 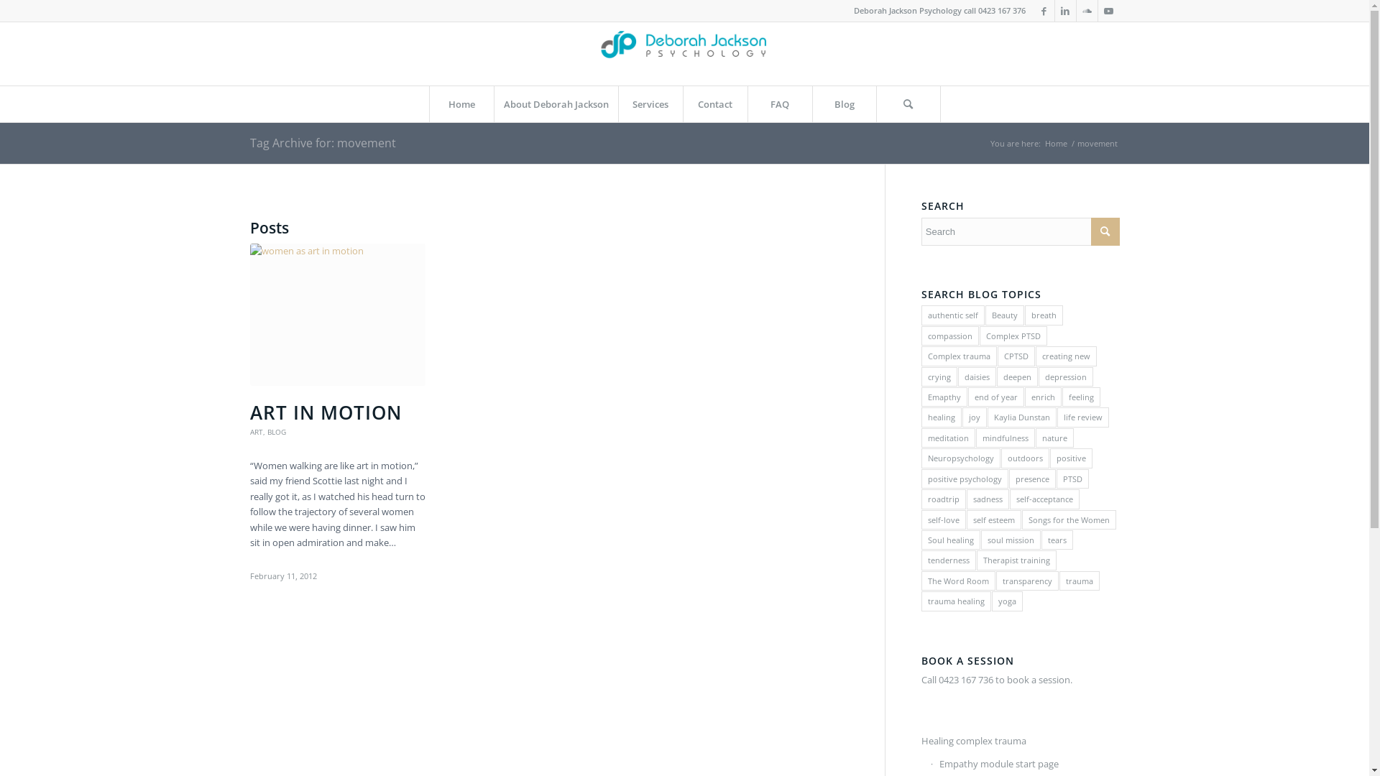 What do you see at coordinates (1004, 437) in the screenshot?
I see `'mindfulness'` at bounding box center [1004, 437].